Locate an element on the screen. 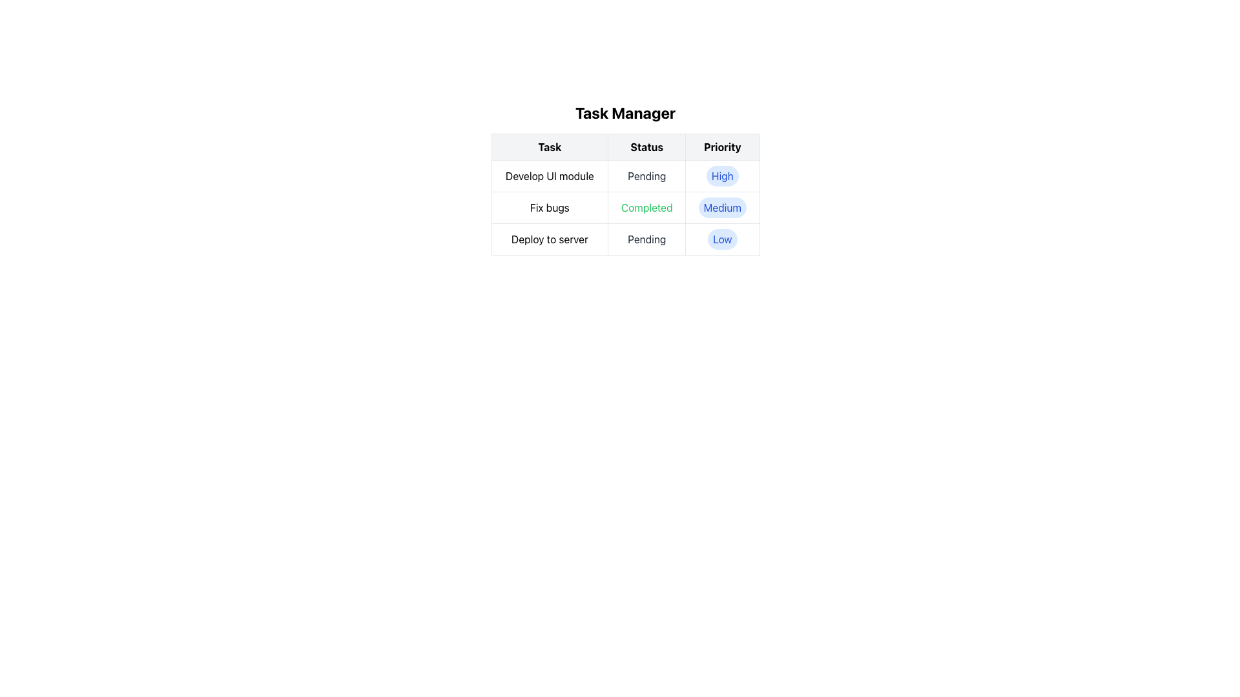 Image resolution: width=1240 pixels, height=697 pixels. the text 'Pending' styled in gray font located in the middle row of the third section of the table under the 'Status' column is located at coordinates (646, 239).